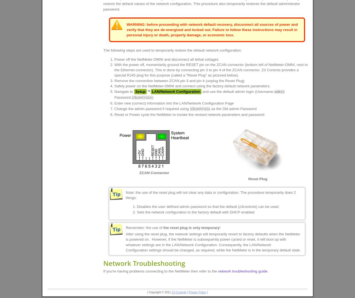 This screenshot has height=298, width=355. Describe the element at coordinates (211, 70) in the screenshot. I see `'With the power off, momentarily ground the RESET pin on the ZCAN connector (bottom left of NetMeter-OMNI, next to the Ethernet connector). This is done by connecting pin 3 to pin 4 of the ZCAN connector. Z3 Controls provides a special RJ45 plug for this purpose (called a "Reset Plug" as pictured below).'` at that location.